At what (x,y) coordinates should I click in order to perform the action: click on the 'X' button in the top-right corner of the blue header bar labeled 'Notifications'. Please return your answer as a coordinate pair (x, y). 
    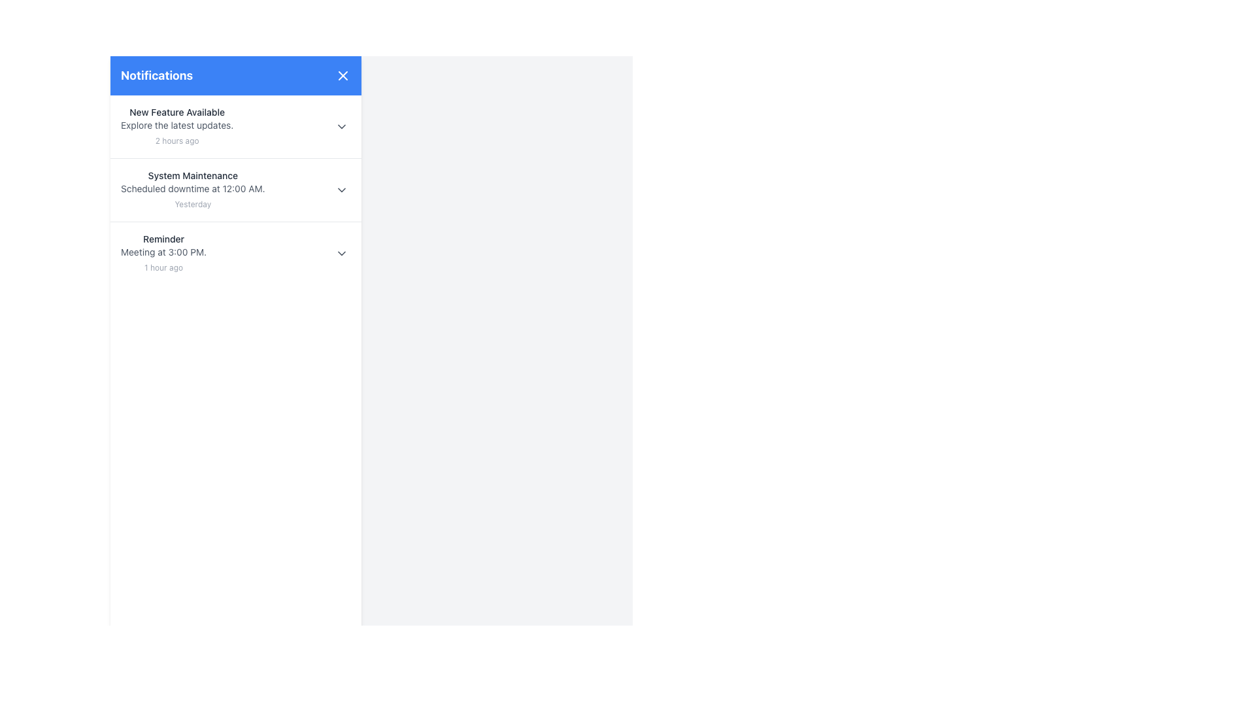
    Looking at the image, I should click on (343, 75).